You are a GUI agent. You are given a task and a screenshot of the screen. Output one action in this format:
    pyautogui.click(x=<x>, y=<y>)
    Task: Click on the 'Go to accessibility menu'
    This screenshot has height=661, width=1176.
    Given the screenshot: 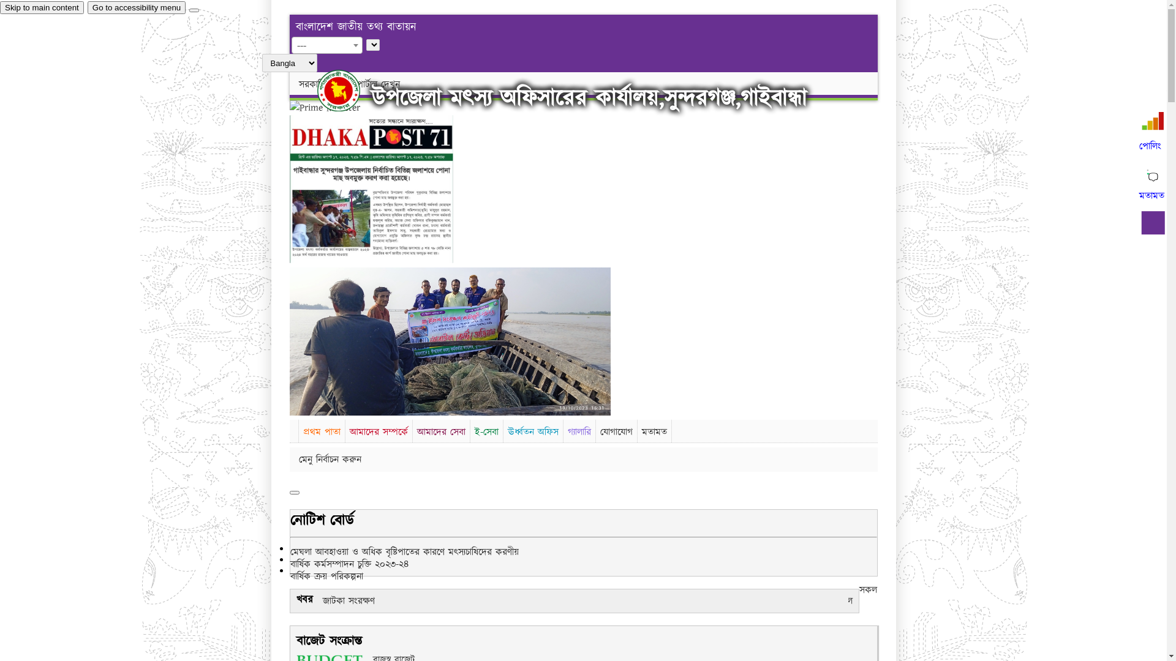 What is the action you would take?
    pyautogui.click(x=136, y=7)
    